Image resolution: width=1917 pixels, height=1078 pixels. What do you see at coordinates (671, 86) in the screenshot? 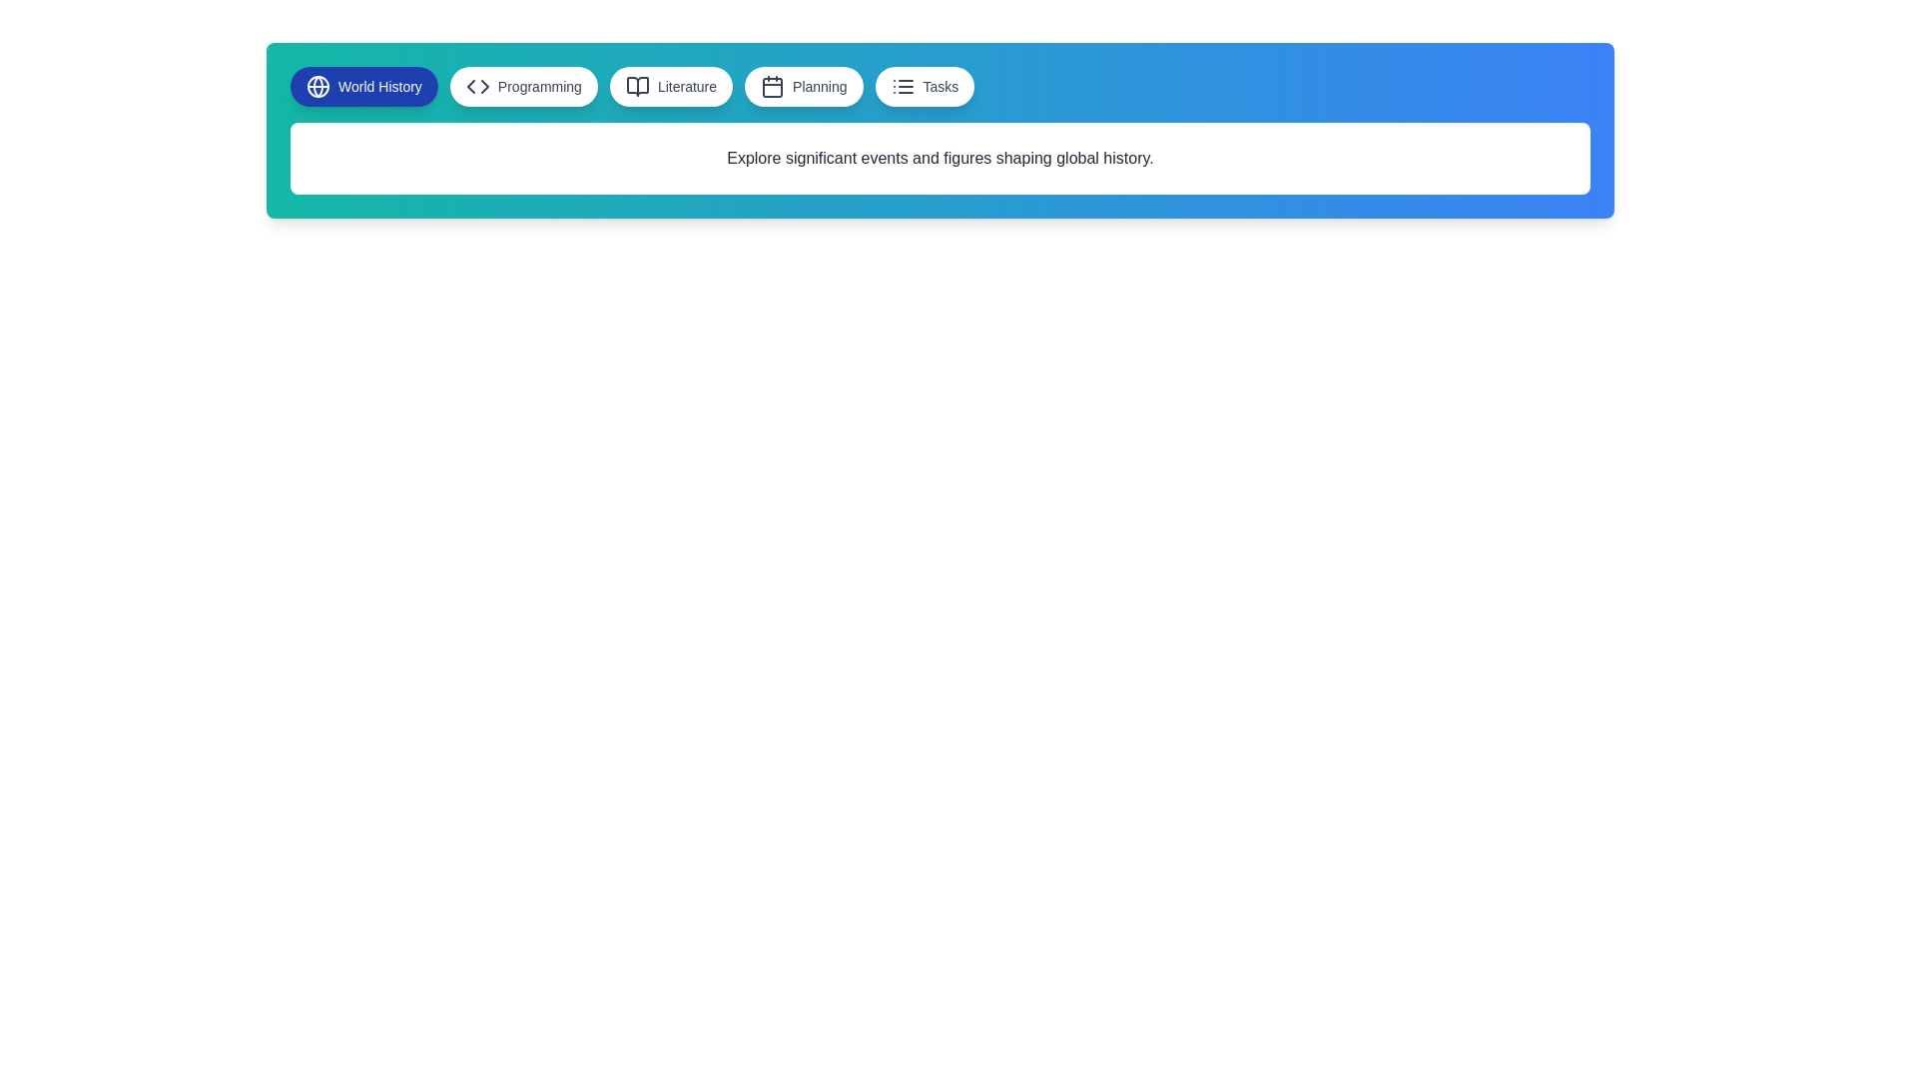
I see `the button labeled Literature to observe the hover effect` at bounding box center [671, 86].